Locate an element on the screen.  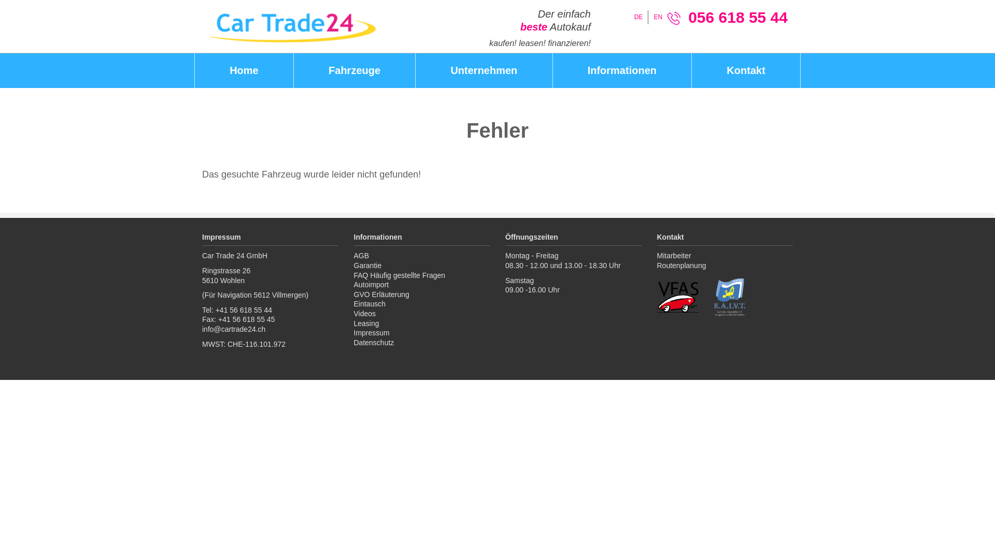
'Unternehmen' is located at coordinates (482, 70).